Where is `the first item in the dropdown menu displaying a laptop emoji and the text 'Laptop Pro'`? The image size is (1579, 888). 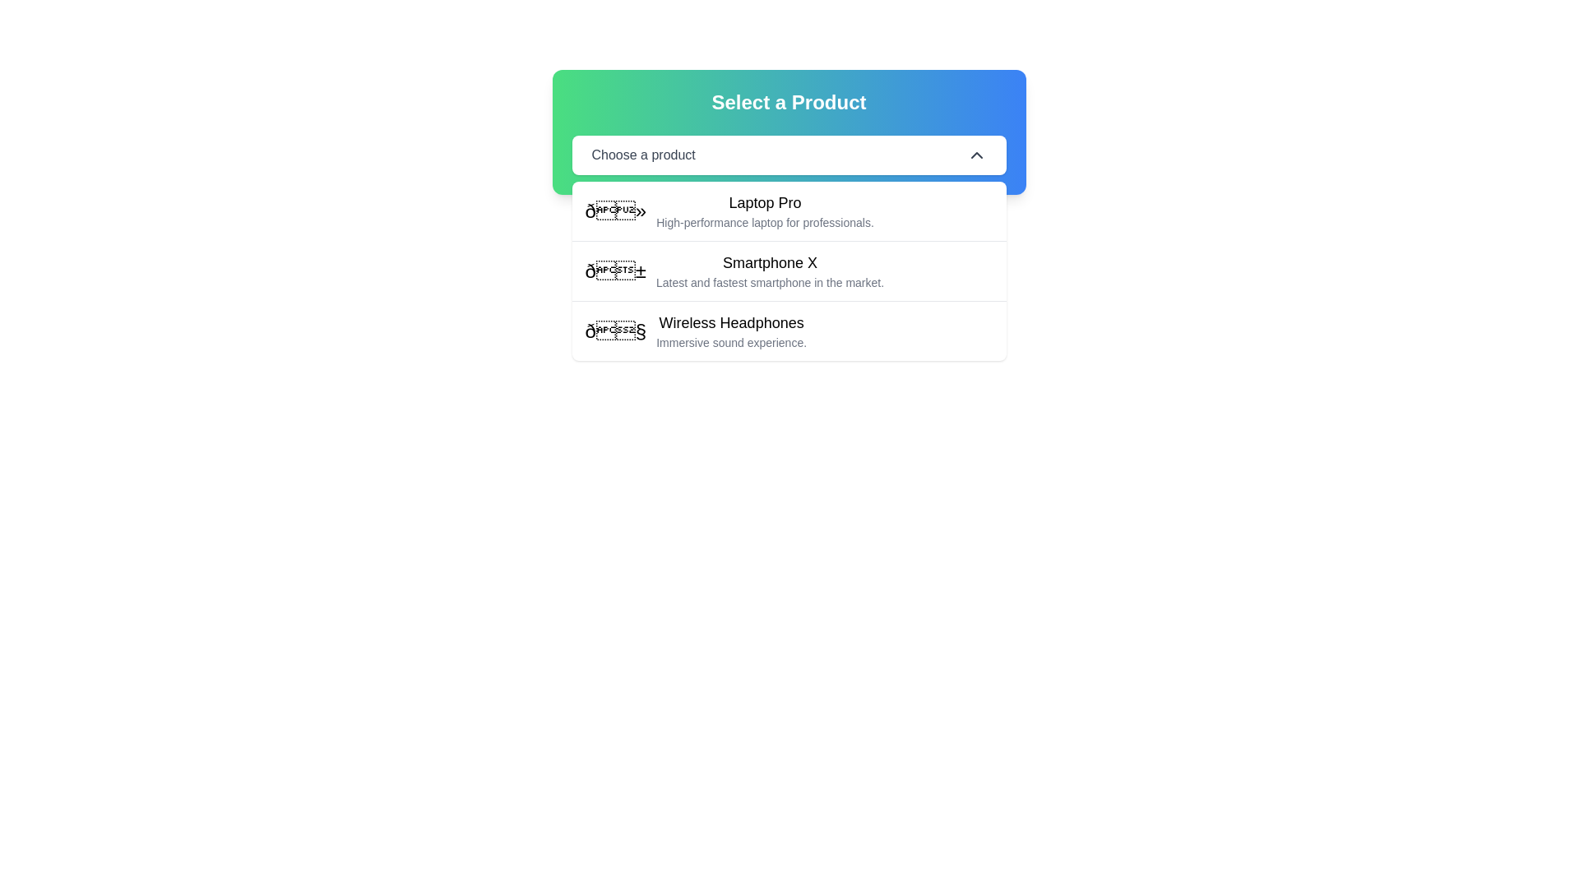
the first item in the dropdown menu displaying a laptop emoji and the text 'Laptop Pro' is located at coordinates (729, 210).